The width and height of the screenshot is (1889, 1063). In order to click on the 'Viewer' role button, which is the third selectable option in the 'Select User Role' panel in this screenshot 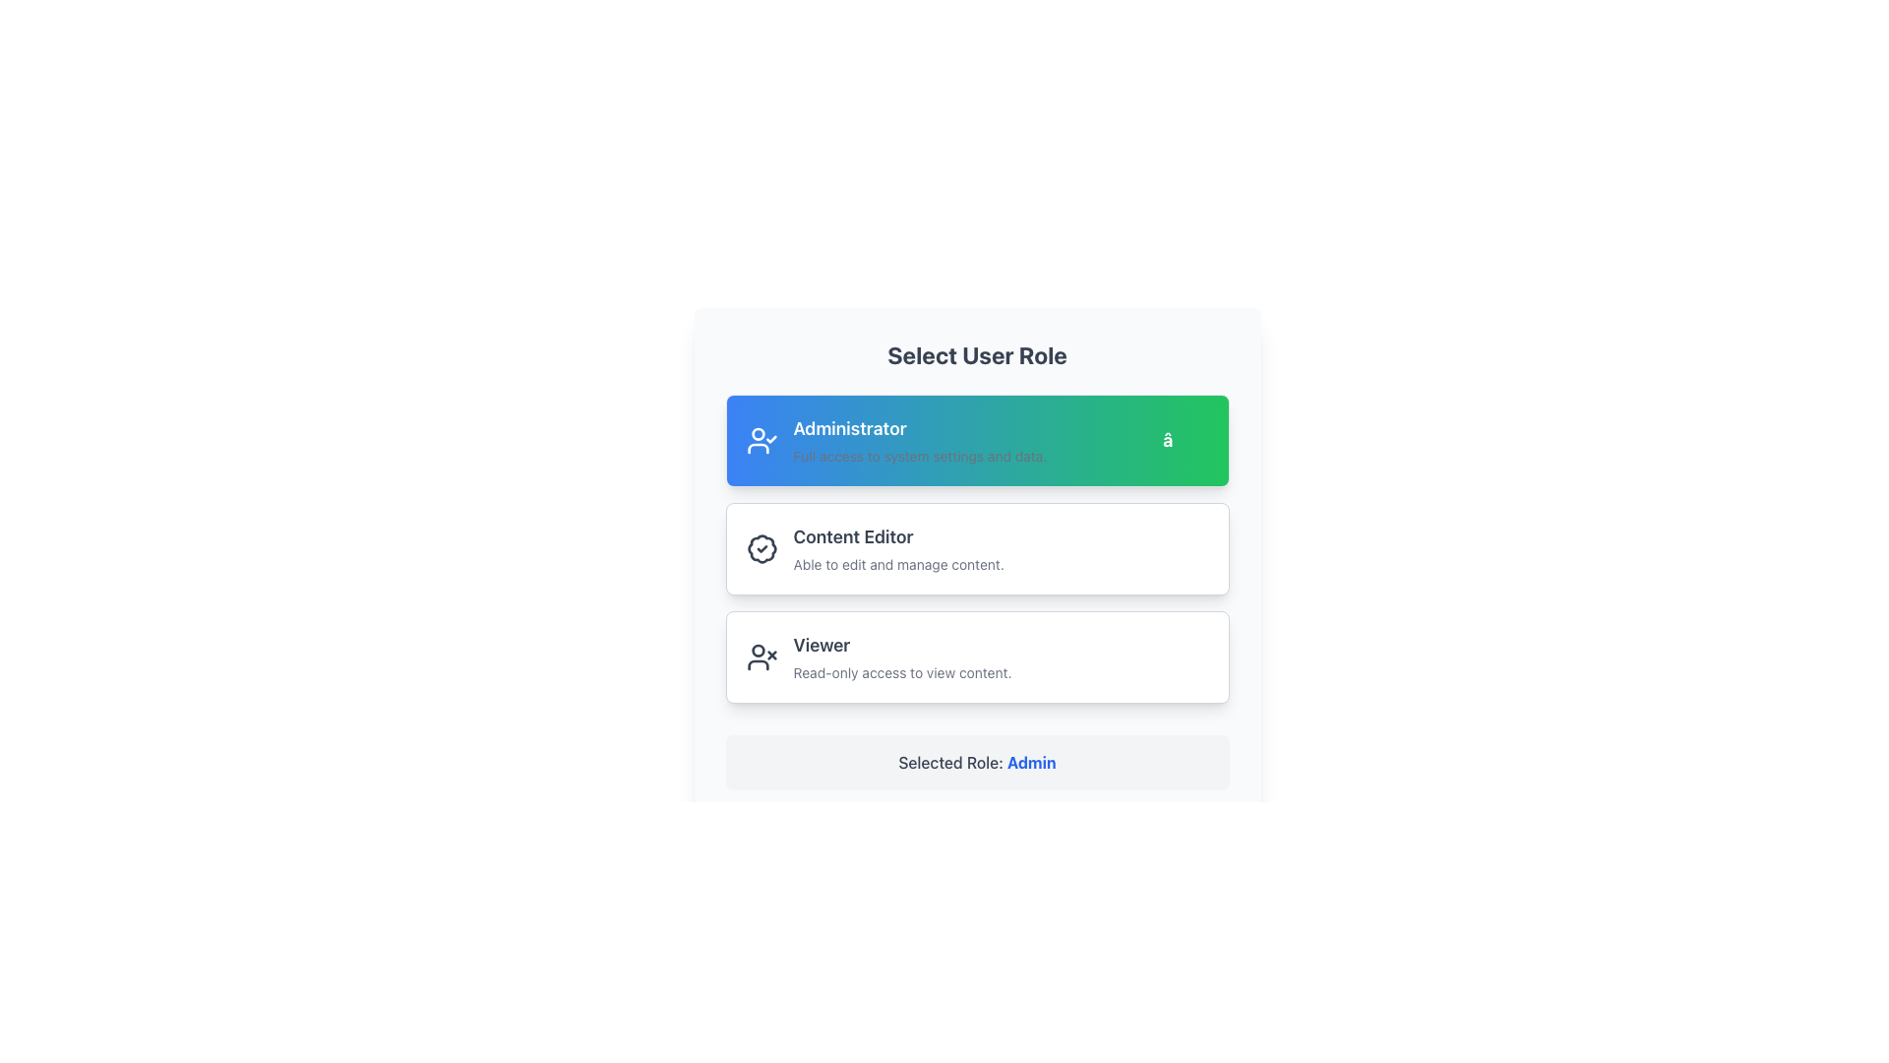, I will do `click(977, 657)`.